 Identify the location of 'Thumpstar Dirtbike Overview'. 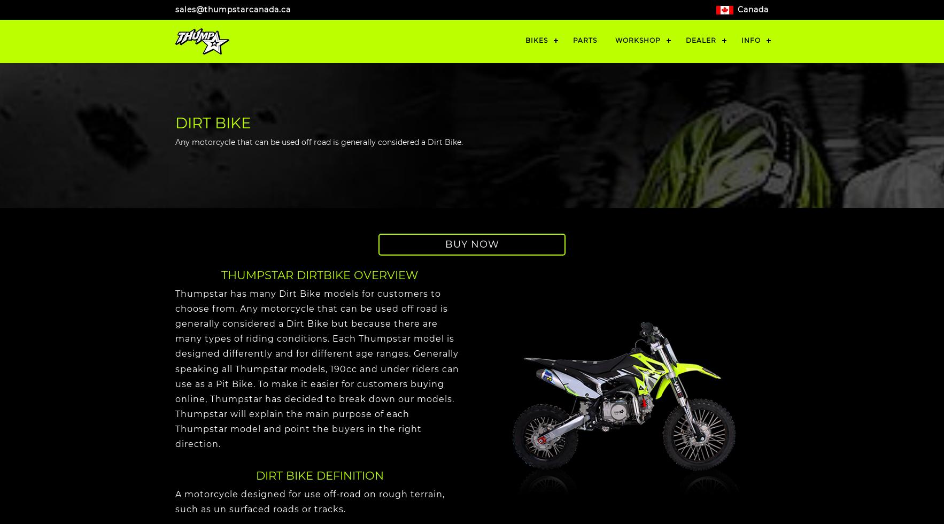
(319, 274).